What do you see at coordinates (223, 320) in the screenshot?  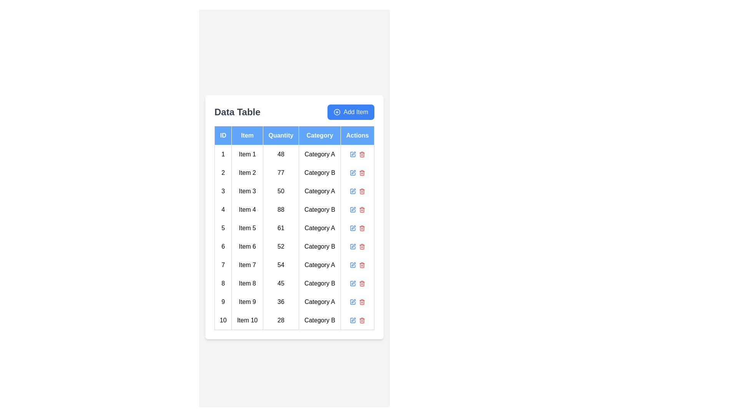 I see `the table cell in the last row of the 'Data Table' that contains the text '10', which is styled as a row header and centrally aligned` at bounding box center [223, 320].